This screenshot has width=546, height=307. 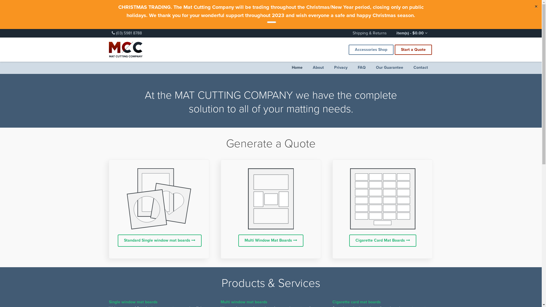 What do you see at coordinates (389, 67) in the screenshot?
I see `'Our Guarantee'` at bounding box center [389, 67].